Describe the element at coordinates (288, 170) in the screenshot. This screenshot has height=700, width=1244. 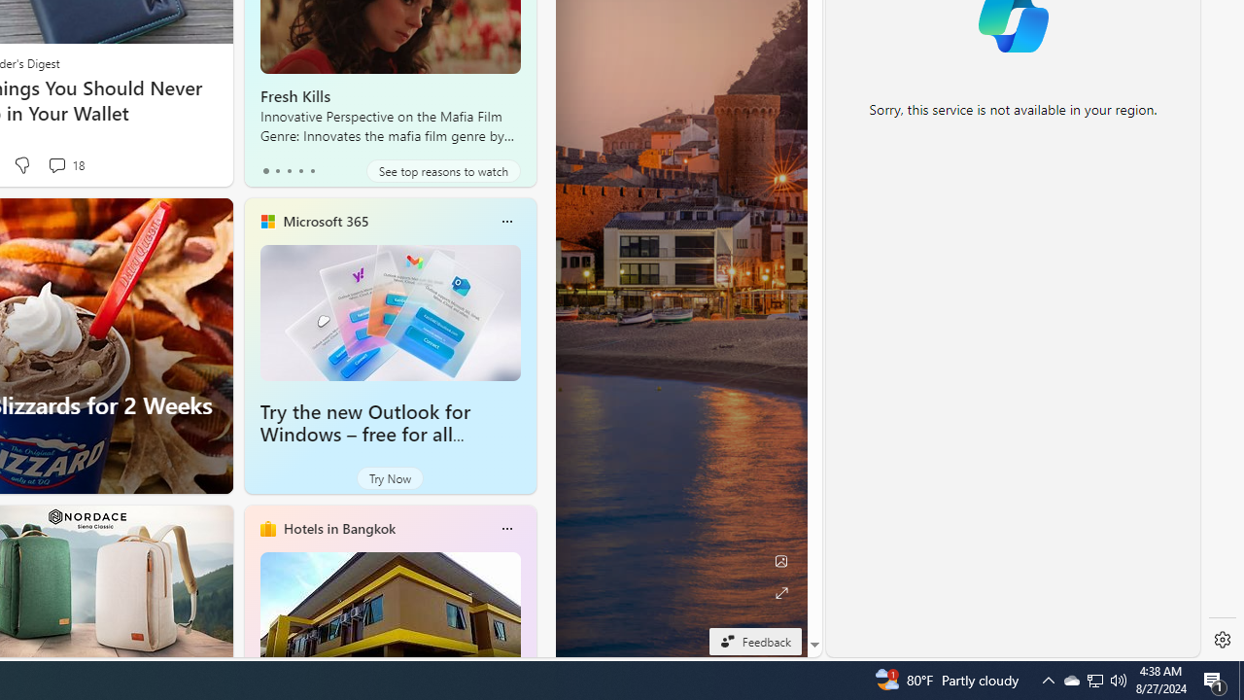
I see `'tab-2'` at that location.